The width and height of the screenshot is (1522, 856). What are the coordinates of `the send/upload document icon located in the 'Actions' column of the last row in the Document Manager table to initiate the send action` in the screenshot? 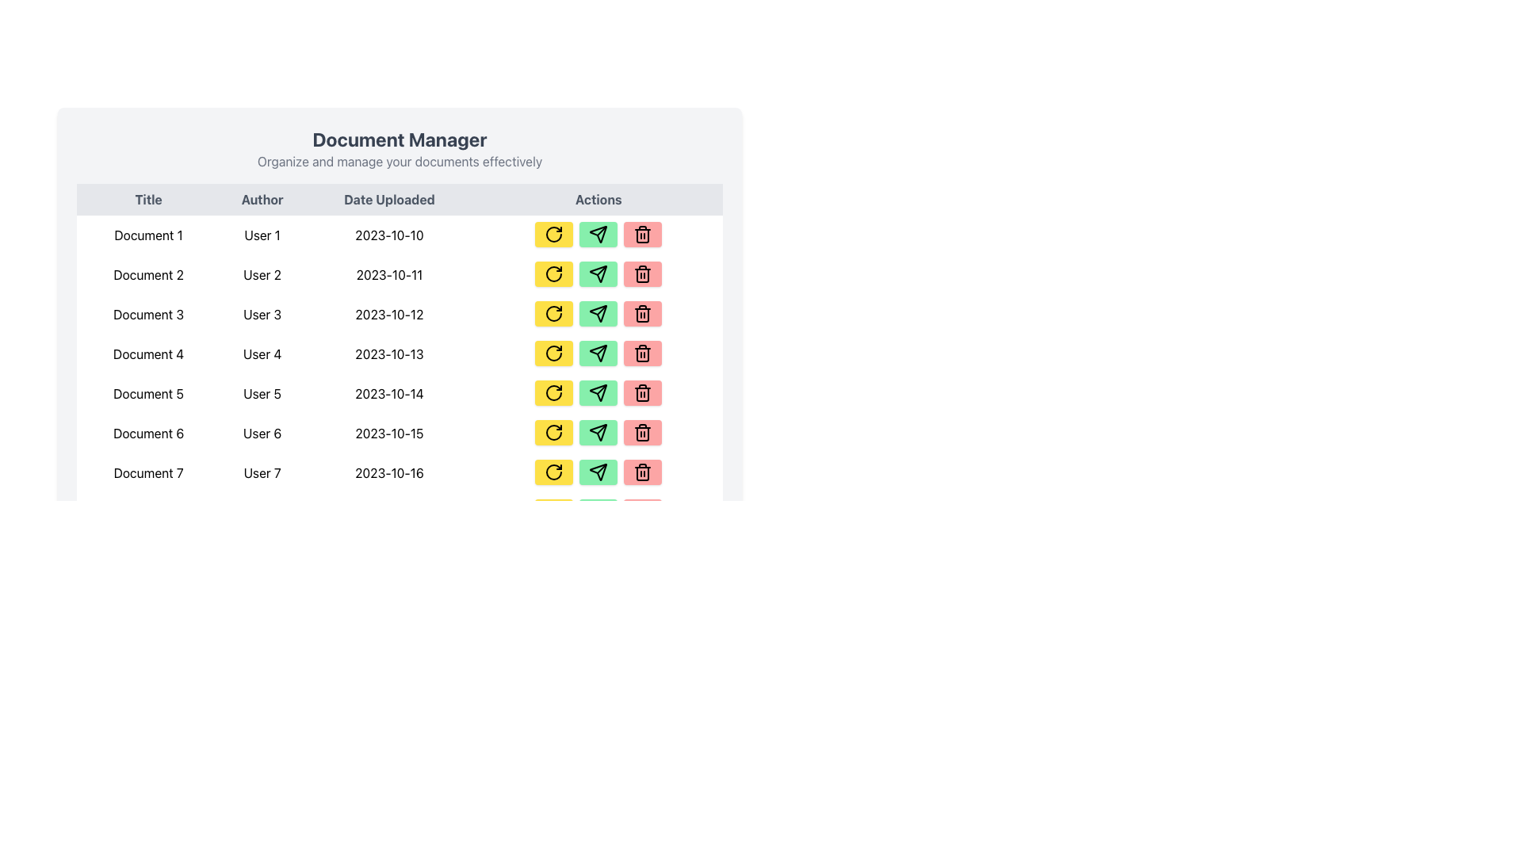 It's located at (598, 472).